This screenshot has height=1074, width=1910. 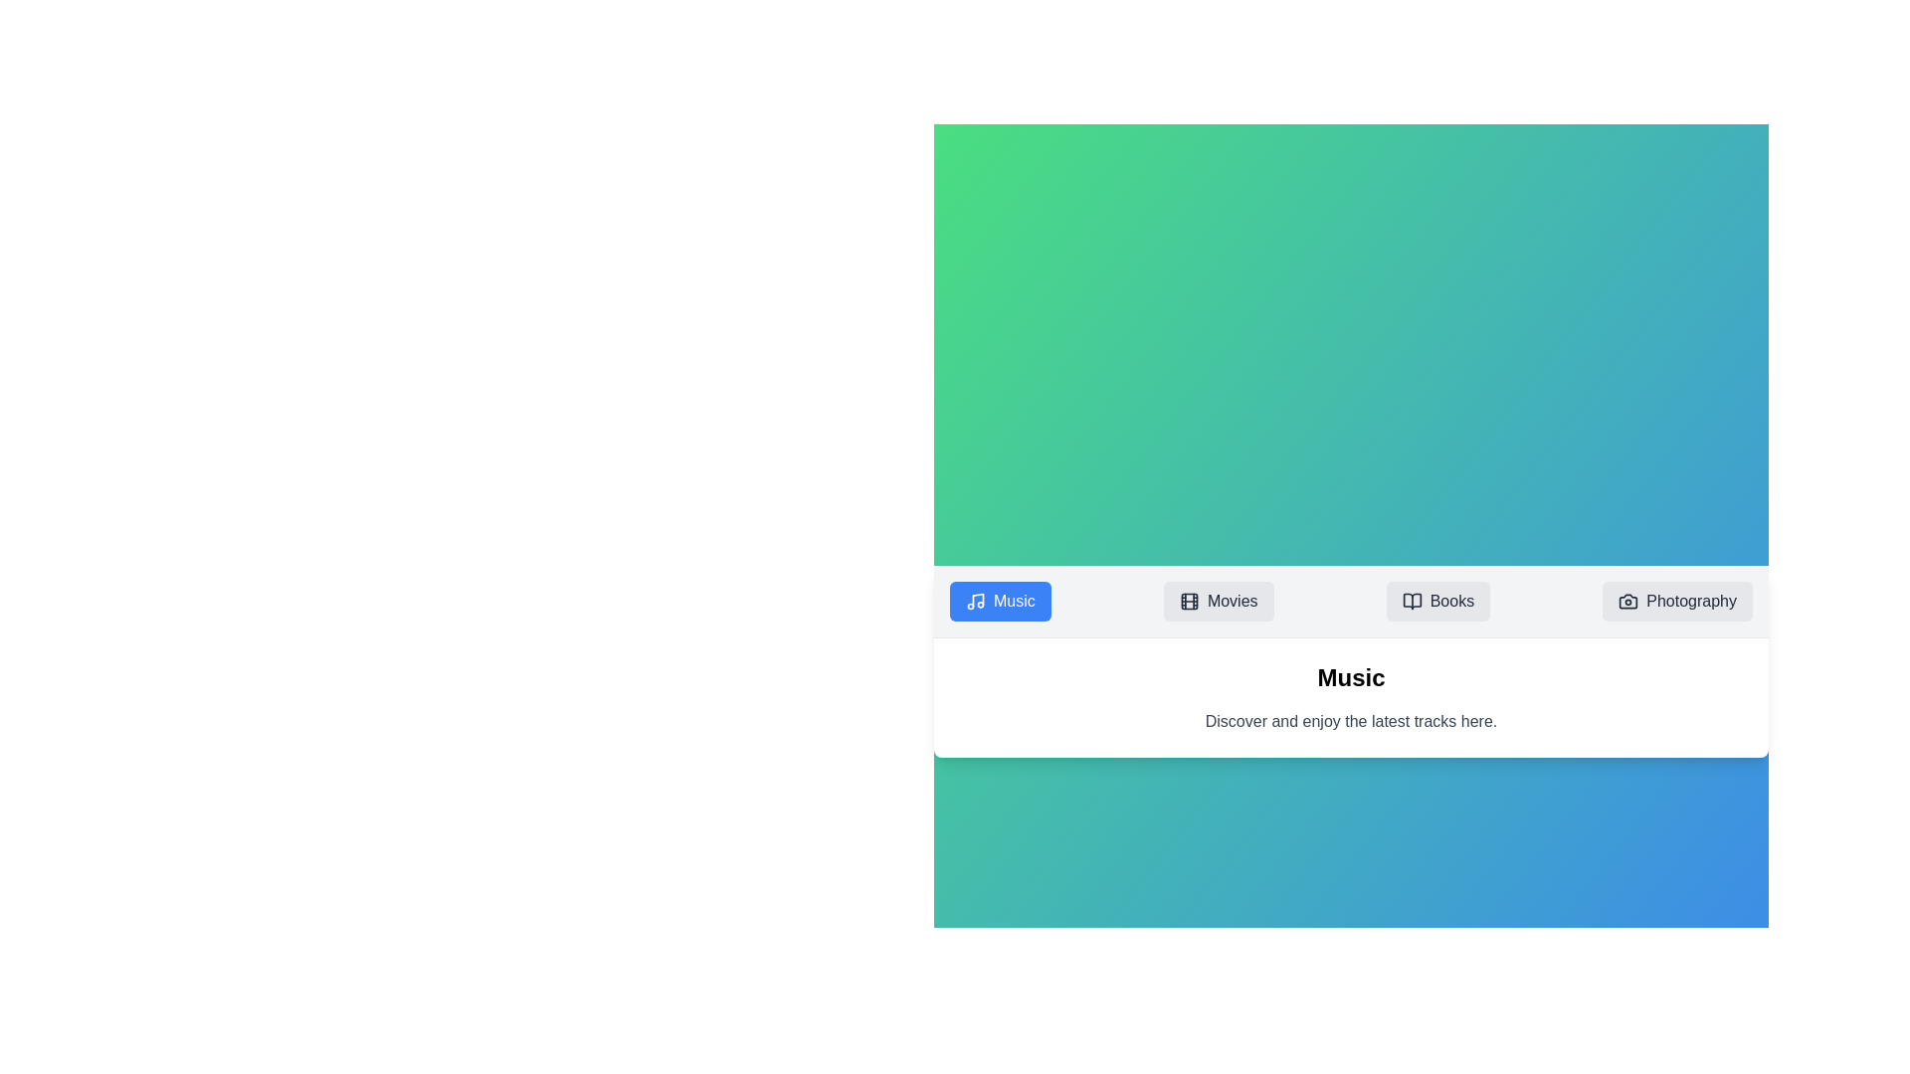 I want to click on the Text Header indicating the section relates to 'Music', which is centrally positioned below the category buttons and above the descriptive text, so click(x=1351, y=676).